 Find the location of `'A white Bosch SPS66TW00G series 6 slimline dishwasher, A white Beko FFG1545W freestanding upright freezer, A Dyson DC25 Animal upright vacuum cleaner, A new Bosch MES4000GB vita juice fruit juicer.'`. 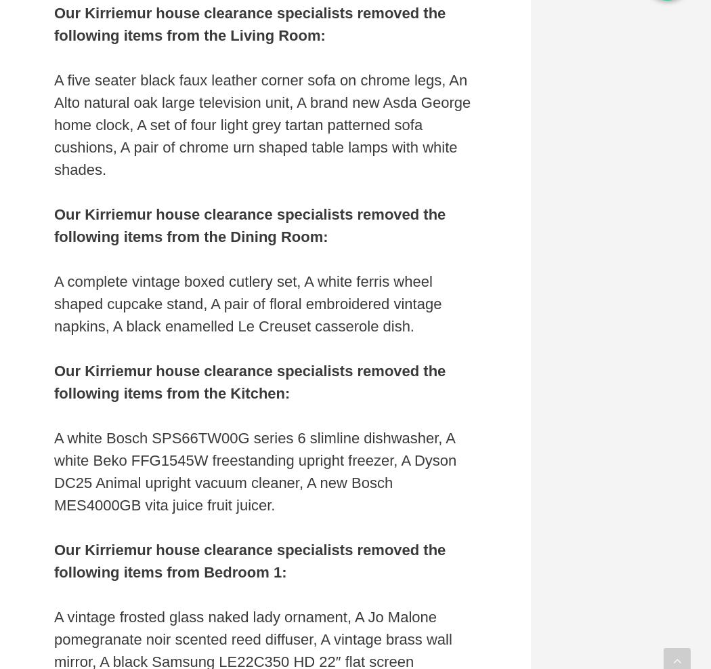

'A white Bosch SPS66TW00G series 6 slimline dishwasher, A white Beko FFG1545W freestanding upright freezer, A Dyson DC25 Animal upright vacuum cleaner, A new Bosch MES4000GB vita juice fruit juicer.' is located at coordinates (54, 471).